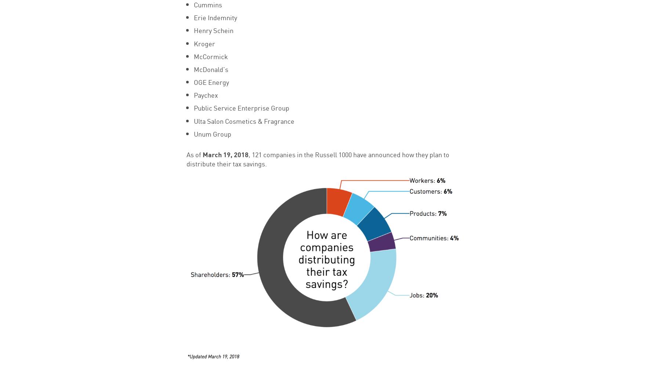  Describe the element at coordinates (212, 133) in the screenshot. I see `'Unum Group'` at that location.